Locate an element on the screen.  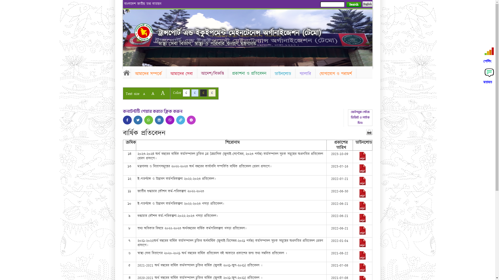
'Search' is located at coordinates (353, 4).